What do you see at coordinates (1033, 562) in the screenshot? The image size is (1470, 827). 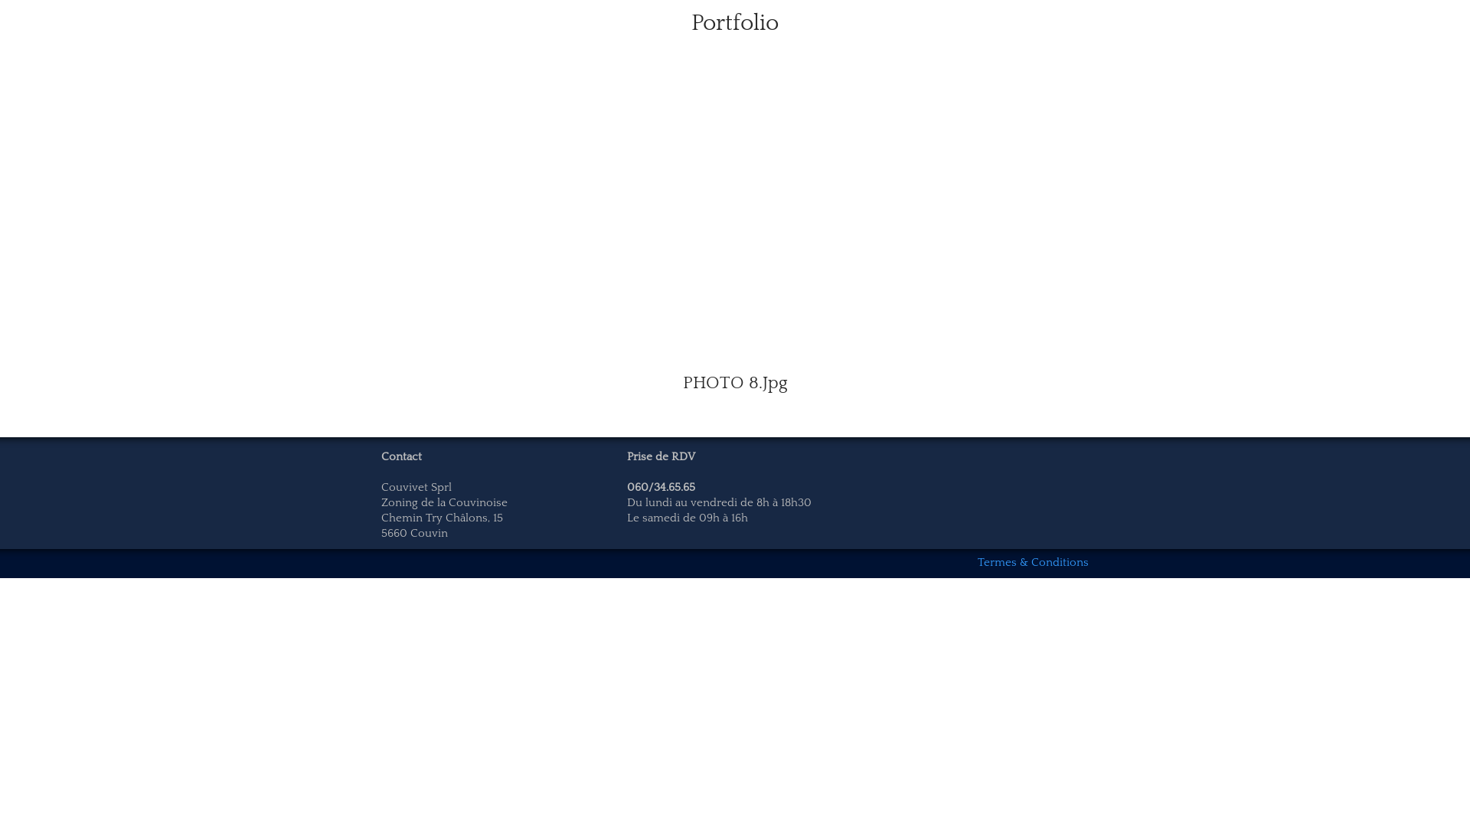 I see `'Termes & Conditions'` at bounding box center [1033, 562].